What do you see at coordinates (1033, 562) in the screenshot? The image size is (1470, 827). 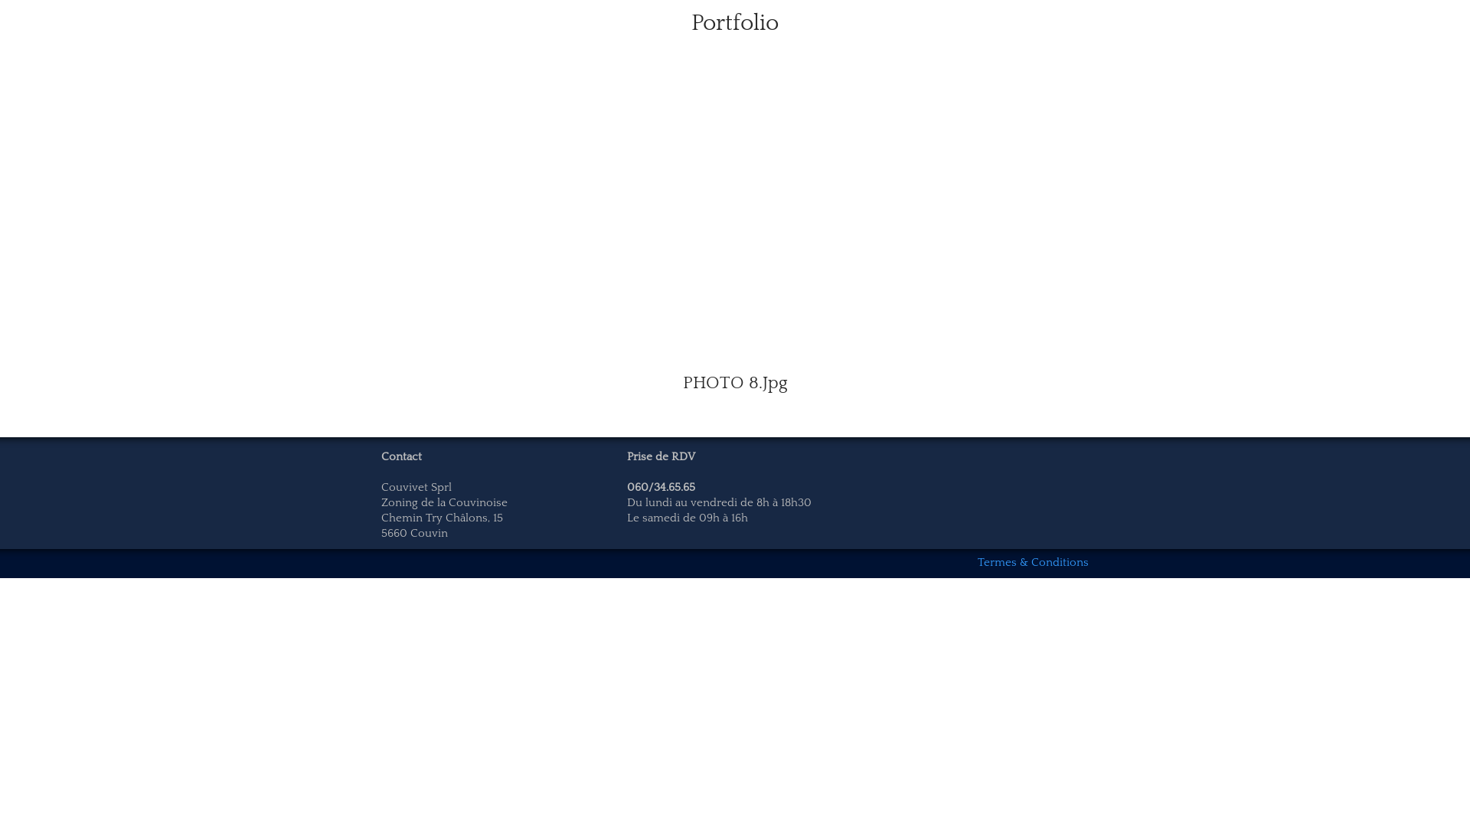 I see `'Termes & Conditions'` at bounding box center [1033, 562].